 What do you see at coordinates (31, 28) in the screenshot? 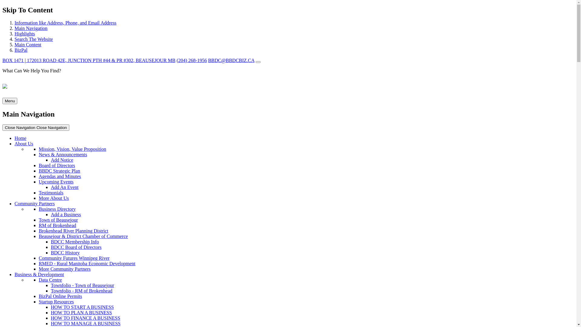
I see `'Main Navigation'` at bounding box center [31, 28].